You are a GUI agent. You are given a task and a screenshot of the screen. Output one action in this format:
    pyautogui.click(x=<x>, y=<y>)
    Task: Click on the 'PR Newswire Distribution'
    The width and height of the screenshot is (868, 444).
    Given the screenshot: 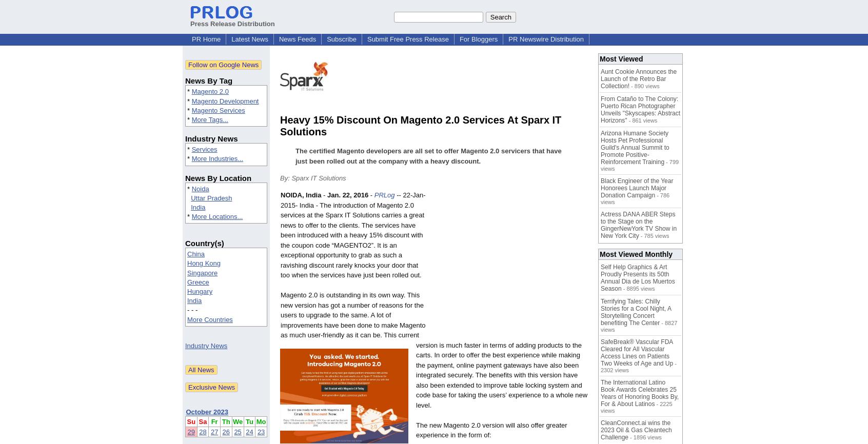 What is the action you would take?
    pyautogui.click(x=546, y=39)
    